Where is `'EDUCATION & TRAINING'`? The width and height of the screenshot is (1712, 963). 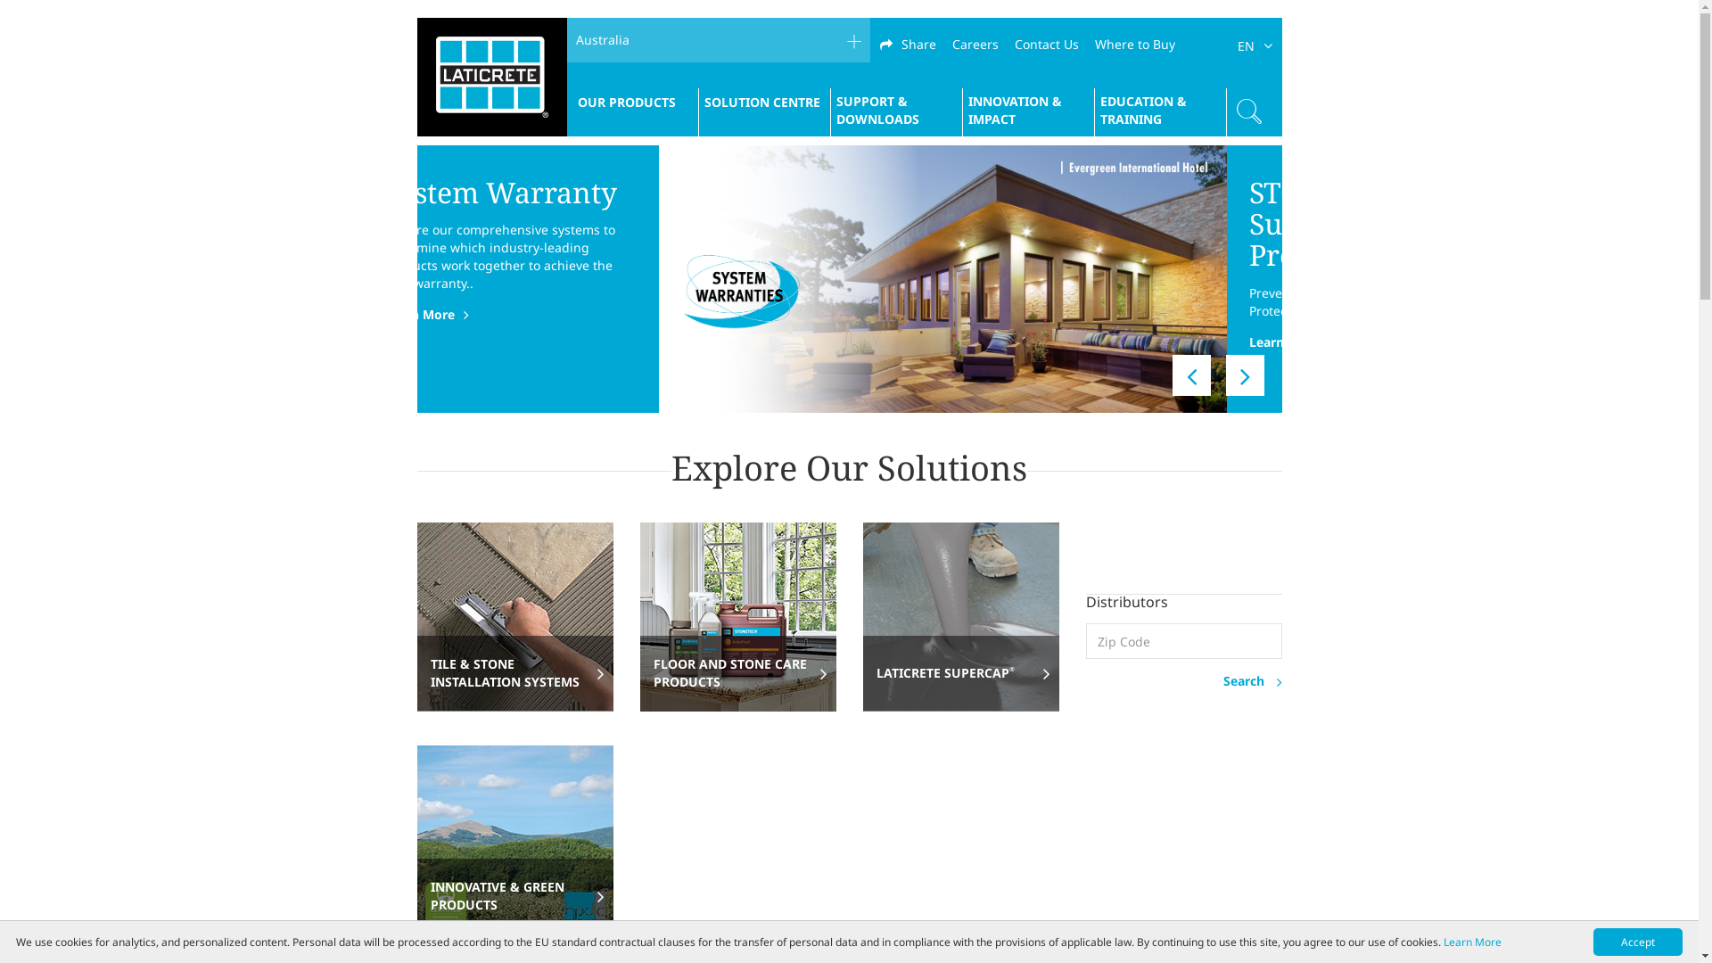 'EDUCATION & TRAINING' is located at coordinates (1160, 110).